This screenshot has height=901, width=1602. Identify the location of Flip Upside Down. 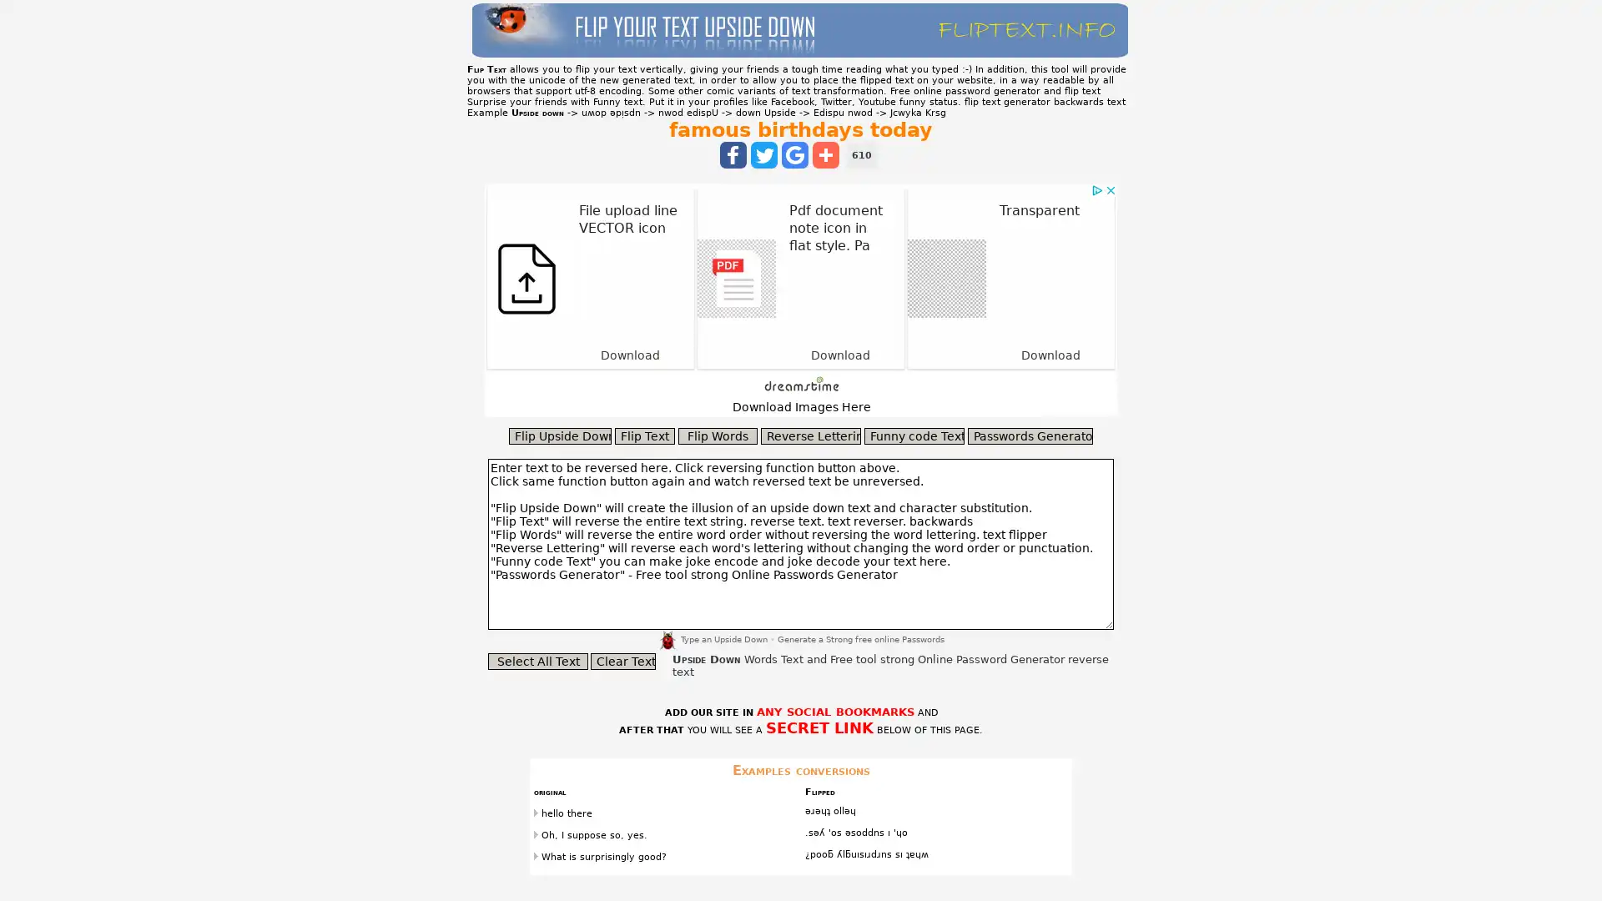
(560, 435).